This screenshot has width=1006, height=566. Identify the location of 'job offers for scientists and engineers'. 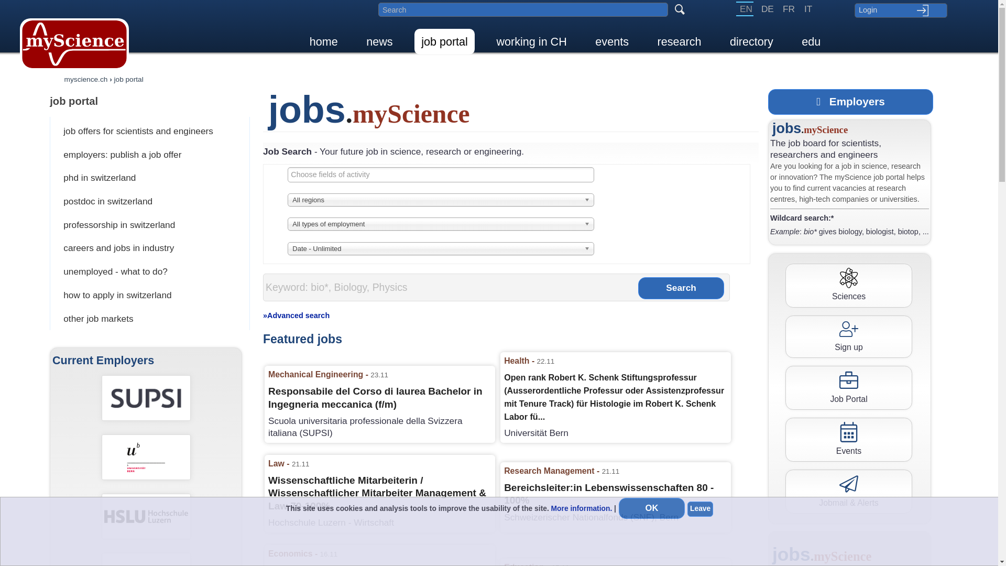
(150, 130).